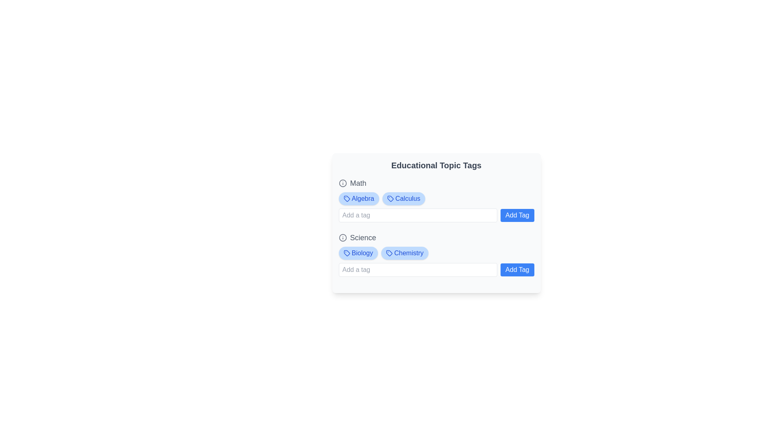 The height and width of the screenshot is (439, 782). Describe the element at coordinates (389, 253) in the screenshot. I see `the Chemistry tag icon, which resembles a blue tag with a circular detail, located above the input field and the 'Add Tag' button in the Science section` at that location.